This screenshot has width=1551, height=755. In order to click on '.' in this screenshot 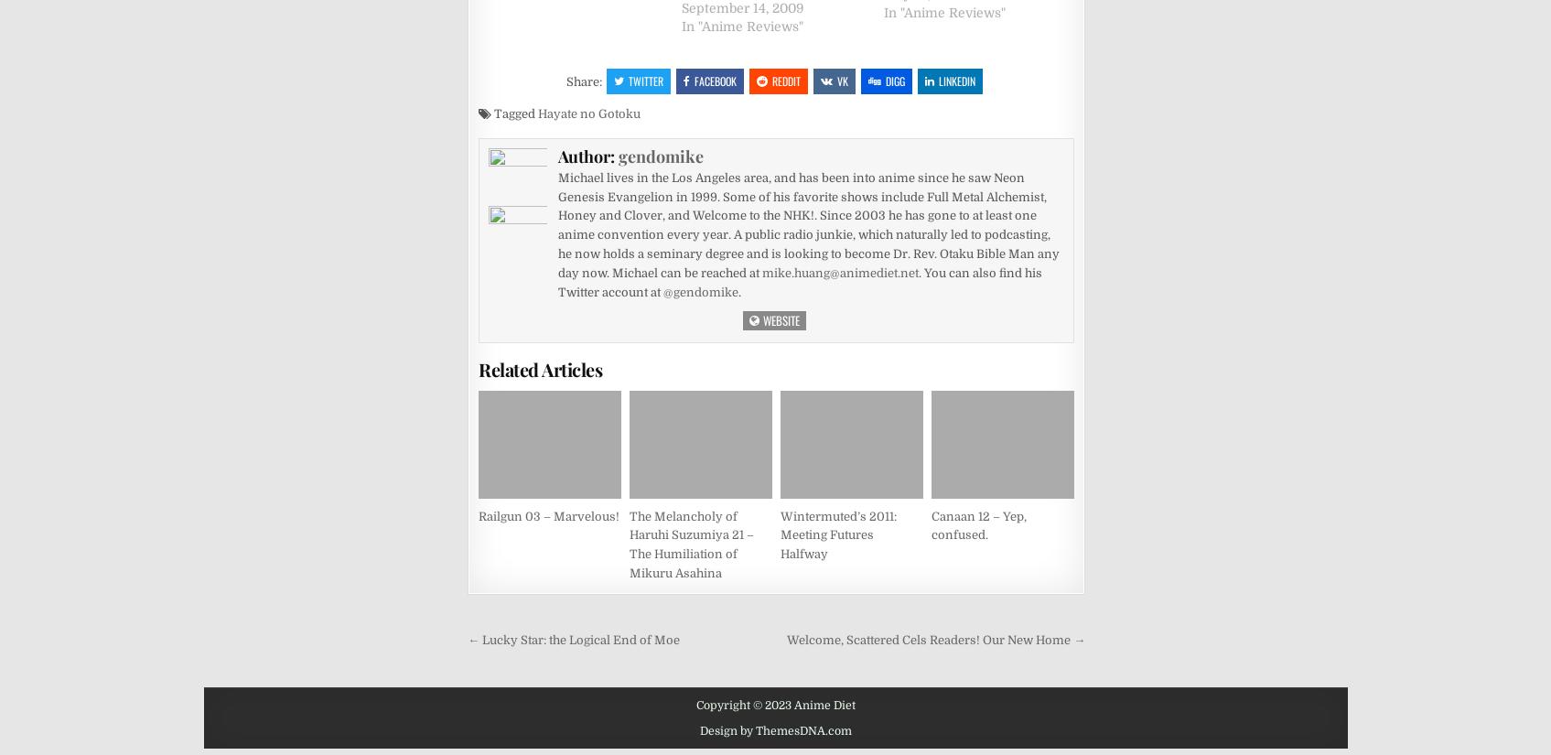, I will do `click(737, 290)`.